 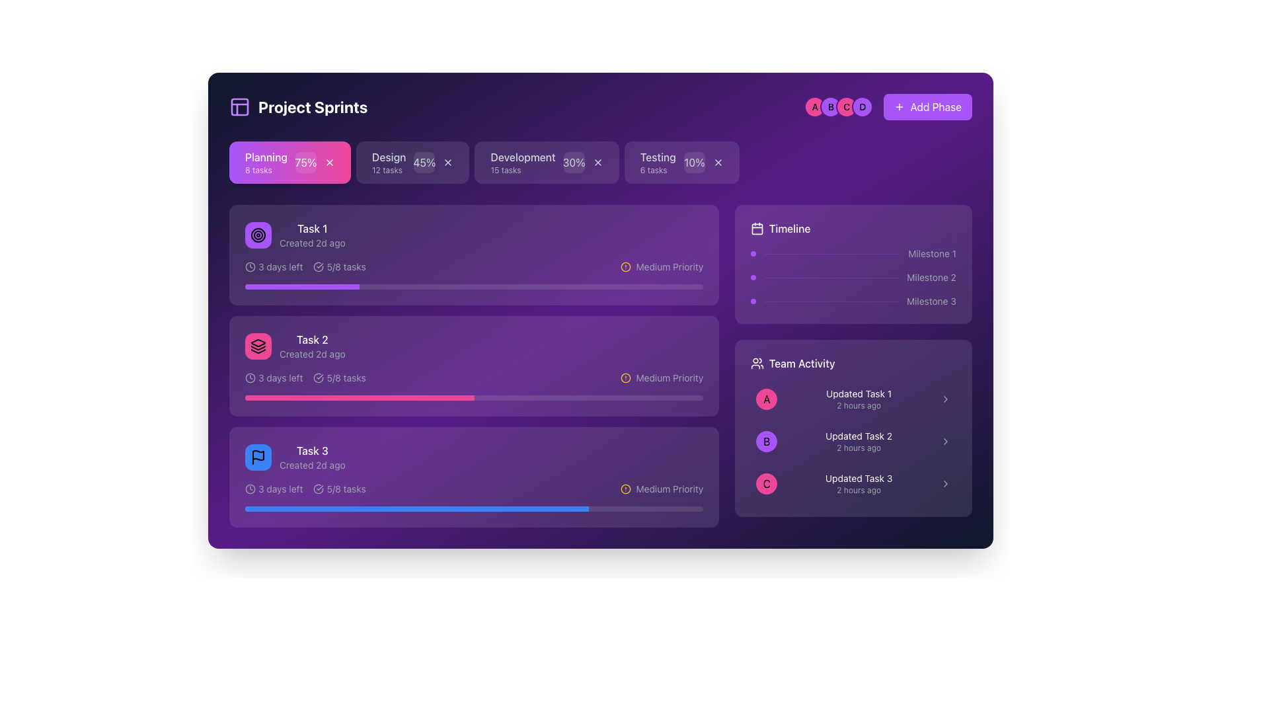 What do you see at coordinates (258, 455) in the screenshot?
I see `the highlighted flag icon, which is the leftmost emblem within the third task card in the vertical task list, positioned to the left of the textual details and progress information of the task` at bounding box center [258, 455].